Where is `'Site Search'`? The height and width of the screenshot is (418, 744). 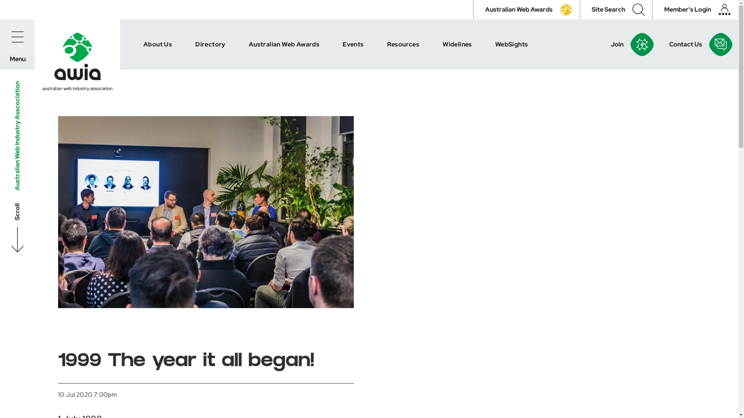
'Site Search' is located at coordinates (615, 9).